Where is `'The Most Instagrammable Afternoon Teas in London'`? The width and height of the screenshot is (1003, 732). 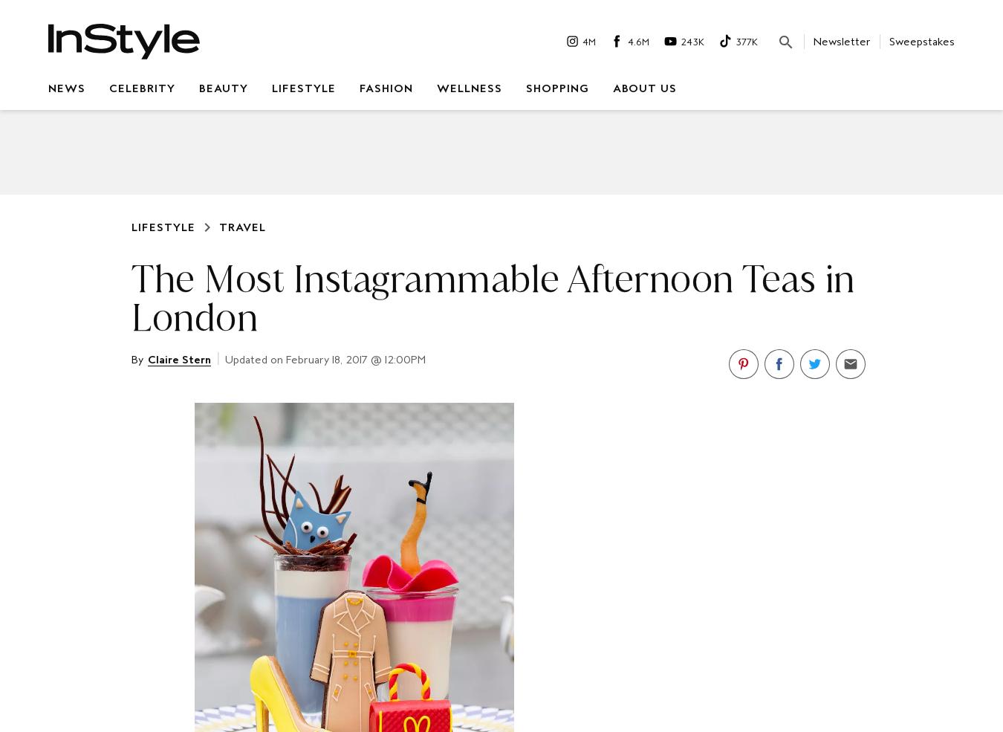
'The Most Instagrammable Afternoon Teas in London' is located at coordinates (493, 297).